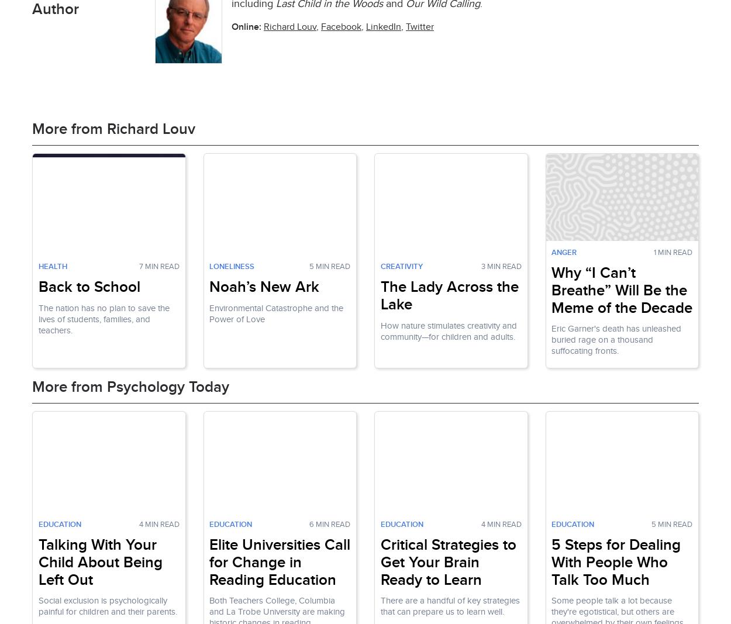  I want to click on 'How nature stimulates creativity and community—for children and adults.', so click(448, 330).